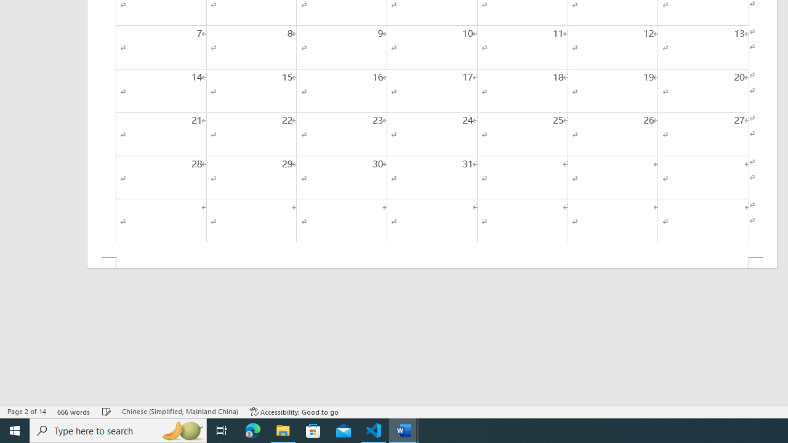 The height and width of the screenshot is (443, 788). Describe the element at coordinates (73, 412) in the screenshot. I see `'Word Count 666 words'` at that location.